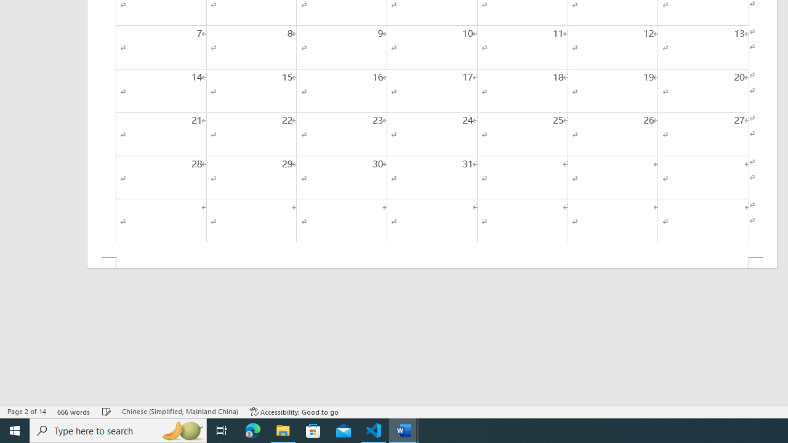 The height and width of the screenshot is (443, 788). Describe the element at coordinates (73, 412) in the screenshot. I see `'Word Count 666 words'` at that location.